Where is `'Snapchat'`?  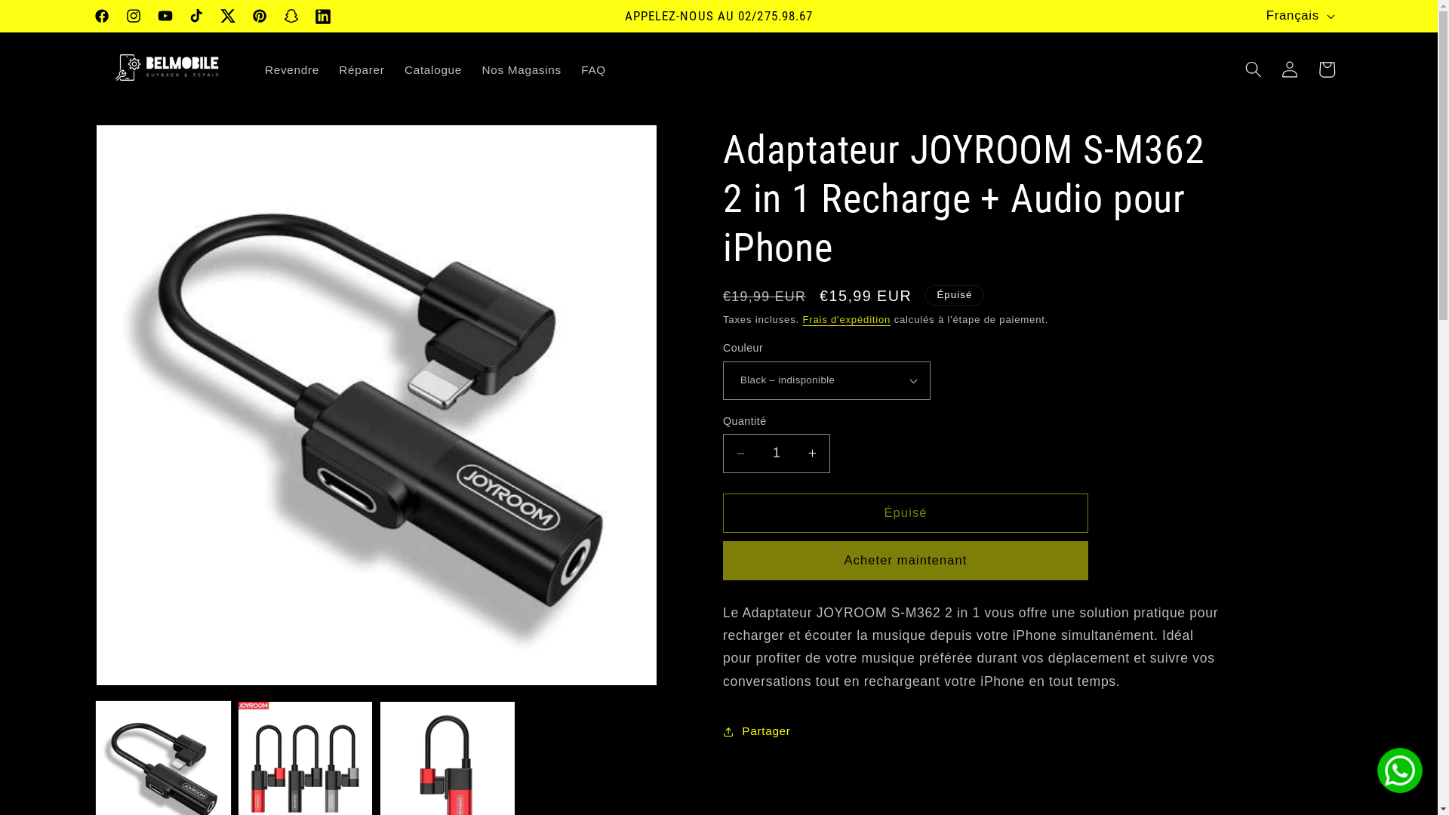
'Snapchat' is located at coordinates (291, 17).